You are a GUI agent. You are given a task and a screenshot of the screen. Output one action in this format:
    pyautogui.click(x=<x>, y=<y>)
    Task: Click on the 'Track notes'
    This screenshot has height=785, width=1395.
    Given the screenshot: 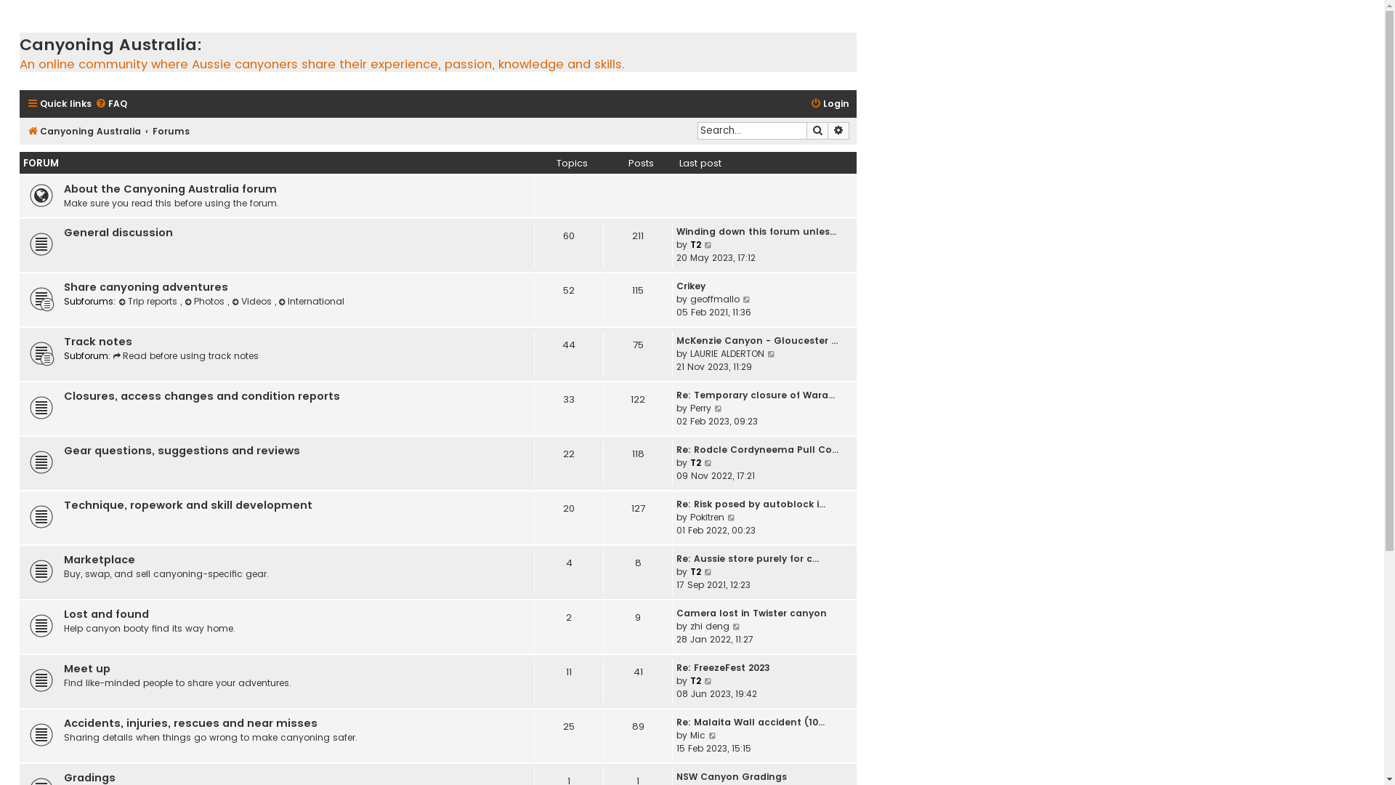 What is the action you would take?
    pyautogui.click(x=97, y=342)
    